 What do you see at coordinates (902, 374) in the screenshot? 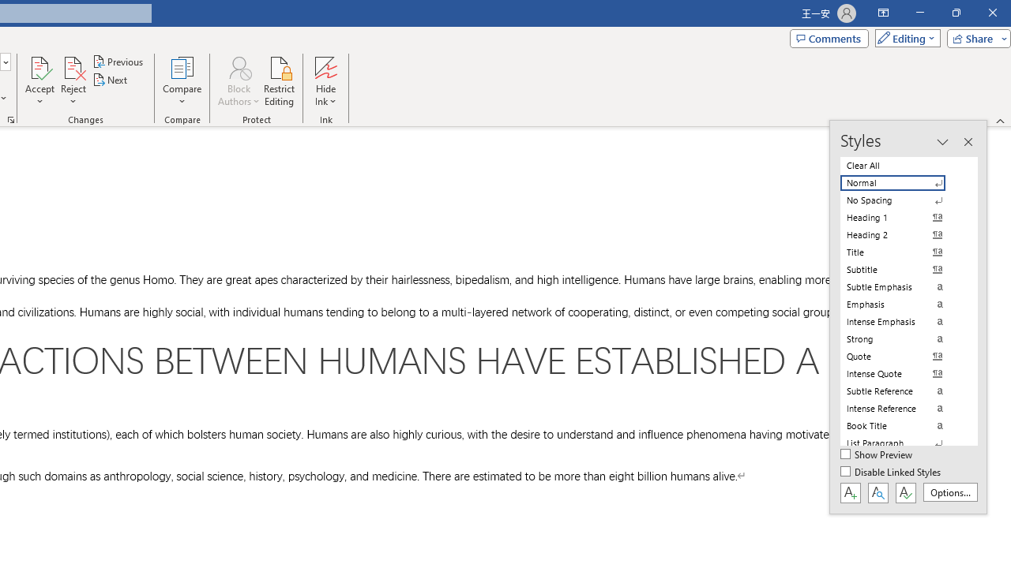
I see `'Intense Quote'` at bounding box center [902, 374].